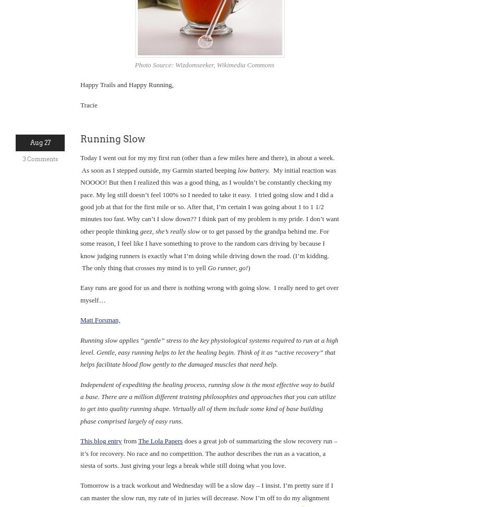 The width and height of the screenshot is (501, 507). Describe the element at coordinates (79, 104) in the screenshot. I see `'Tracie'` at that location.